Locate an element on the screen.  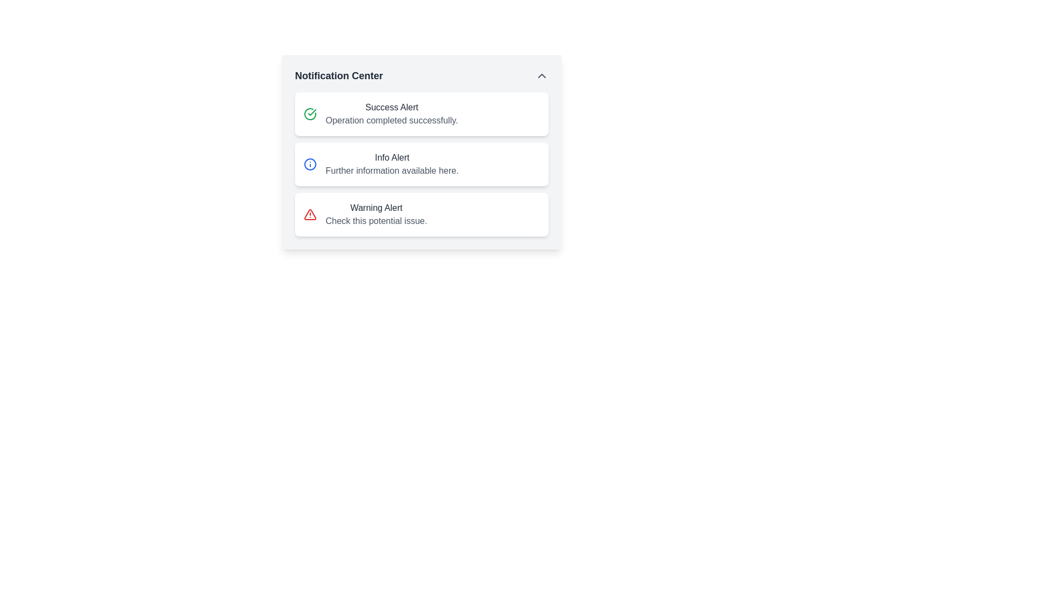
the informational alert in the Notification Center to see more details is located at coordinates (421, 164).